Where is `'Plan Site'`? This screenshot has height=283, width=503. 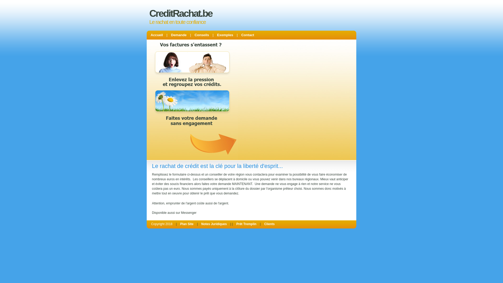 'Plan Site' is located at coordinates (187, 224).